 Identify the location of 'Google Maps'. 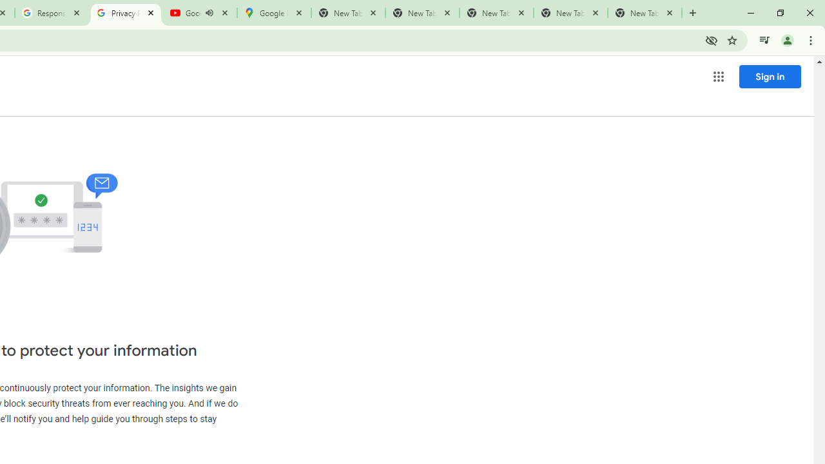
(273, 13).